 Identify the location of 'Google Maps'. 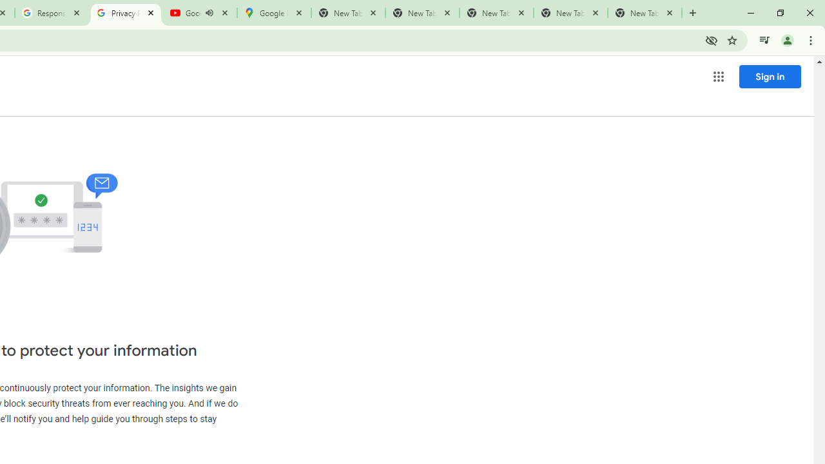
(273, 13).